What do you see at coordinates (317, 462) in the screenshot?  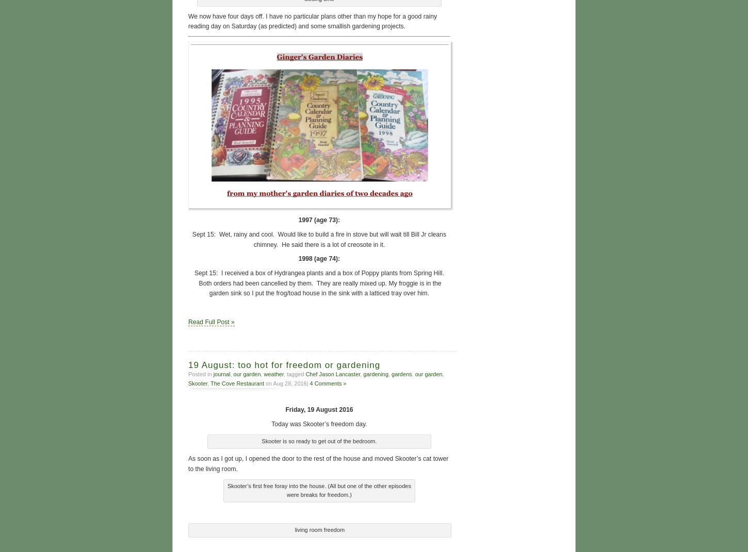 I see `'As soon as I got up, I opened the door to the rest of the house and moved Skooter’s cat tower to the living room.'` at bounding box center [317, 462].